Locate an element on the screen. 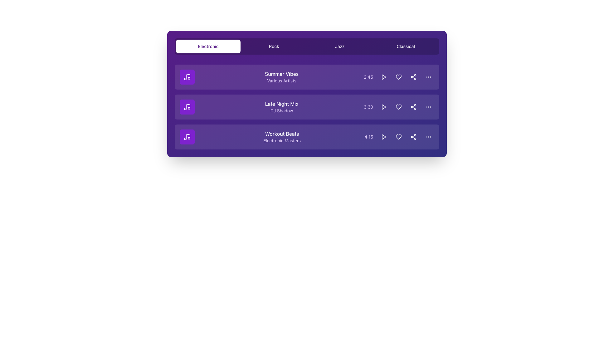 This screenshot has height=337, width=599. the text label displaying 'Summer Vibes', which is styled with a white font color on a purple background and positioned above 'Various Artists' is located at coordinates (281, 73).